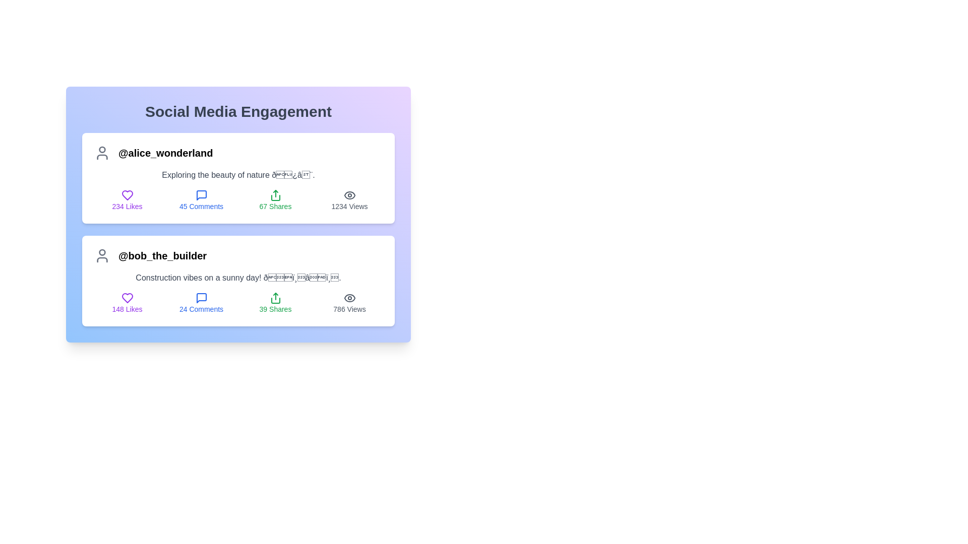 The image size is (968, 544). What do you see at coordinates (275, 302) in the screenshot?
I see `the share button with an icon and label that shows the share count ('39 Shares') located under '@bob_the_builder's post` at bounding box center [275, 302].